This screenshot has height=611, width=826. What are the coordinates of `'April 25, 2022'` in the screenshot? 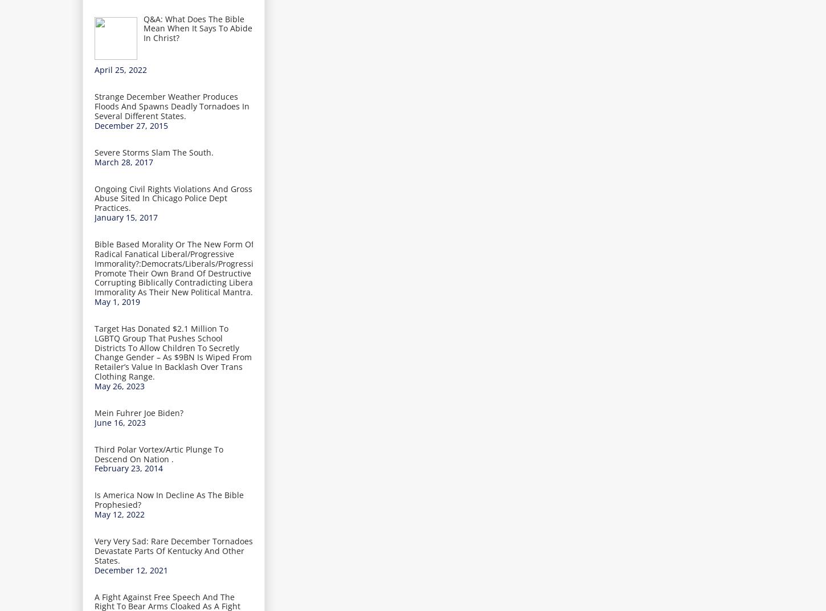 It's located at (120, 70).